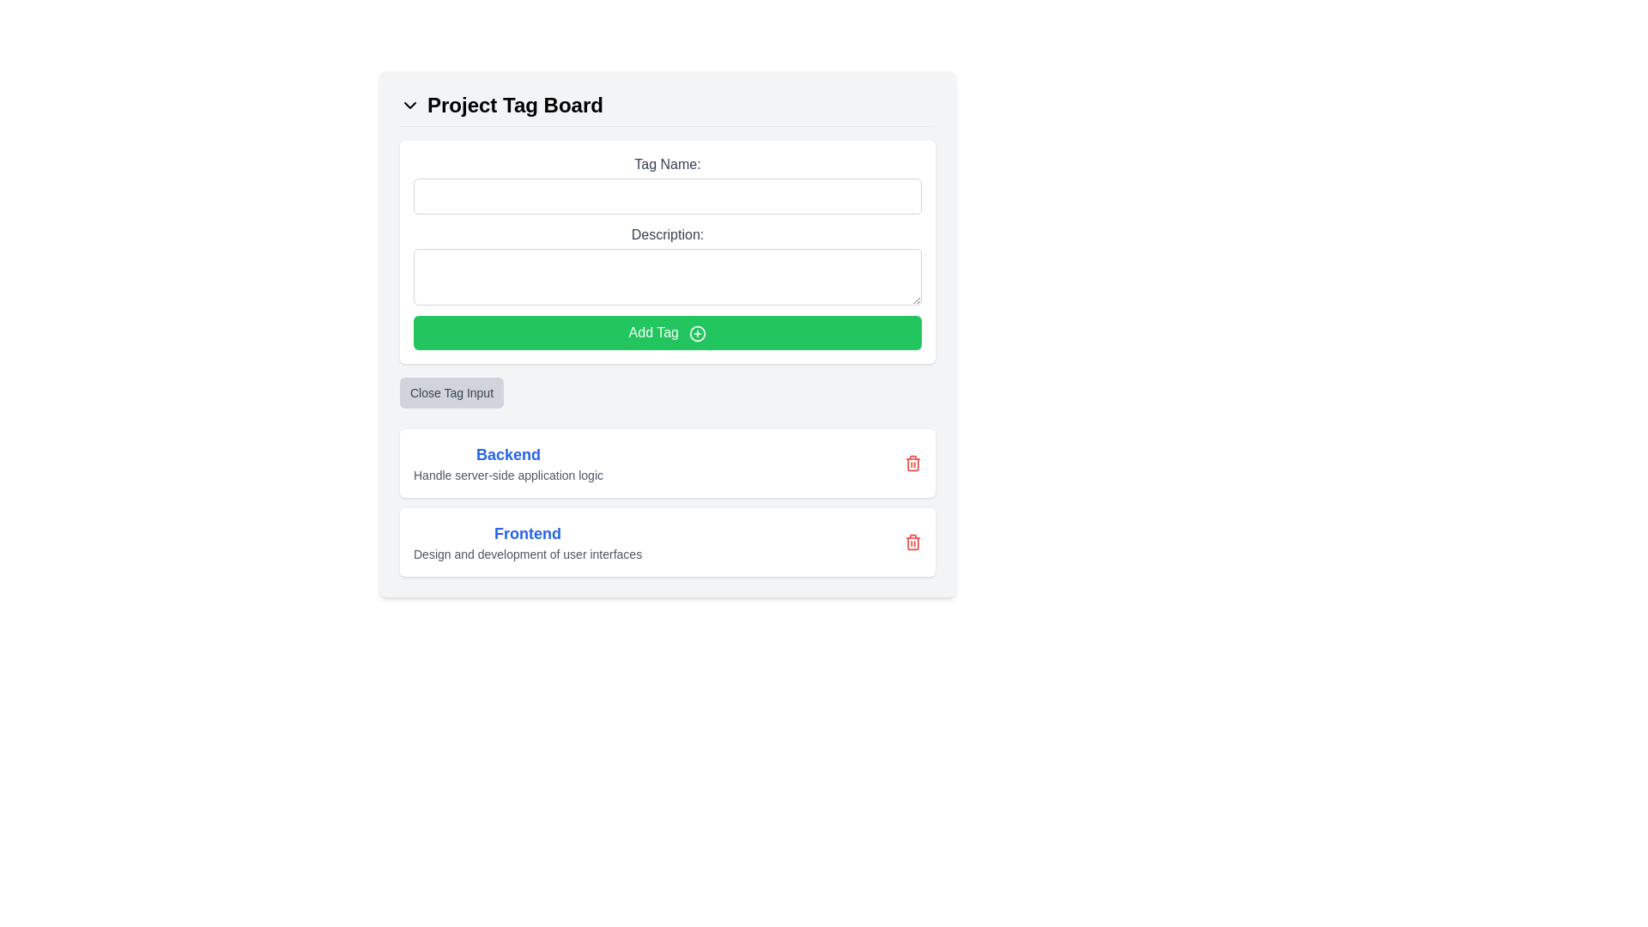  Describe the element at coordinates (409, 106) in the screenshot. I see `the chevron-down icon located to the left of the 'Project Tag Board' text` at that location.